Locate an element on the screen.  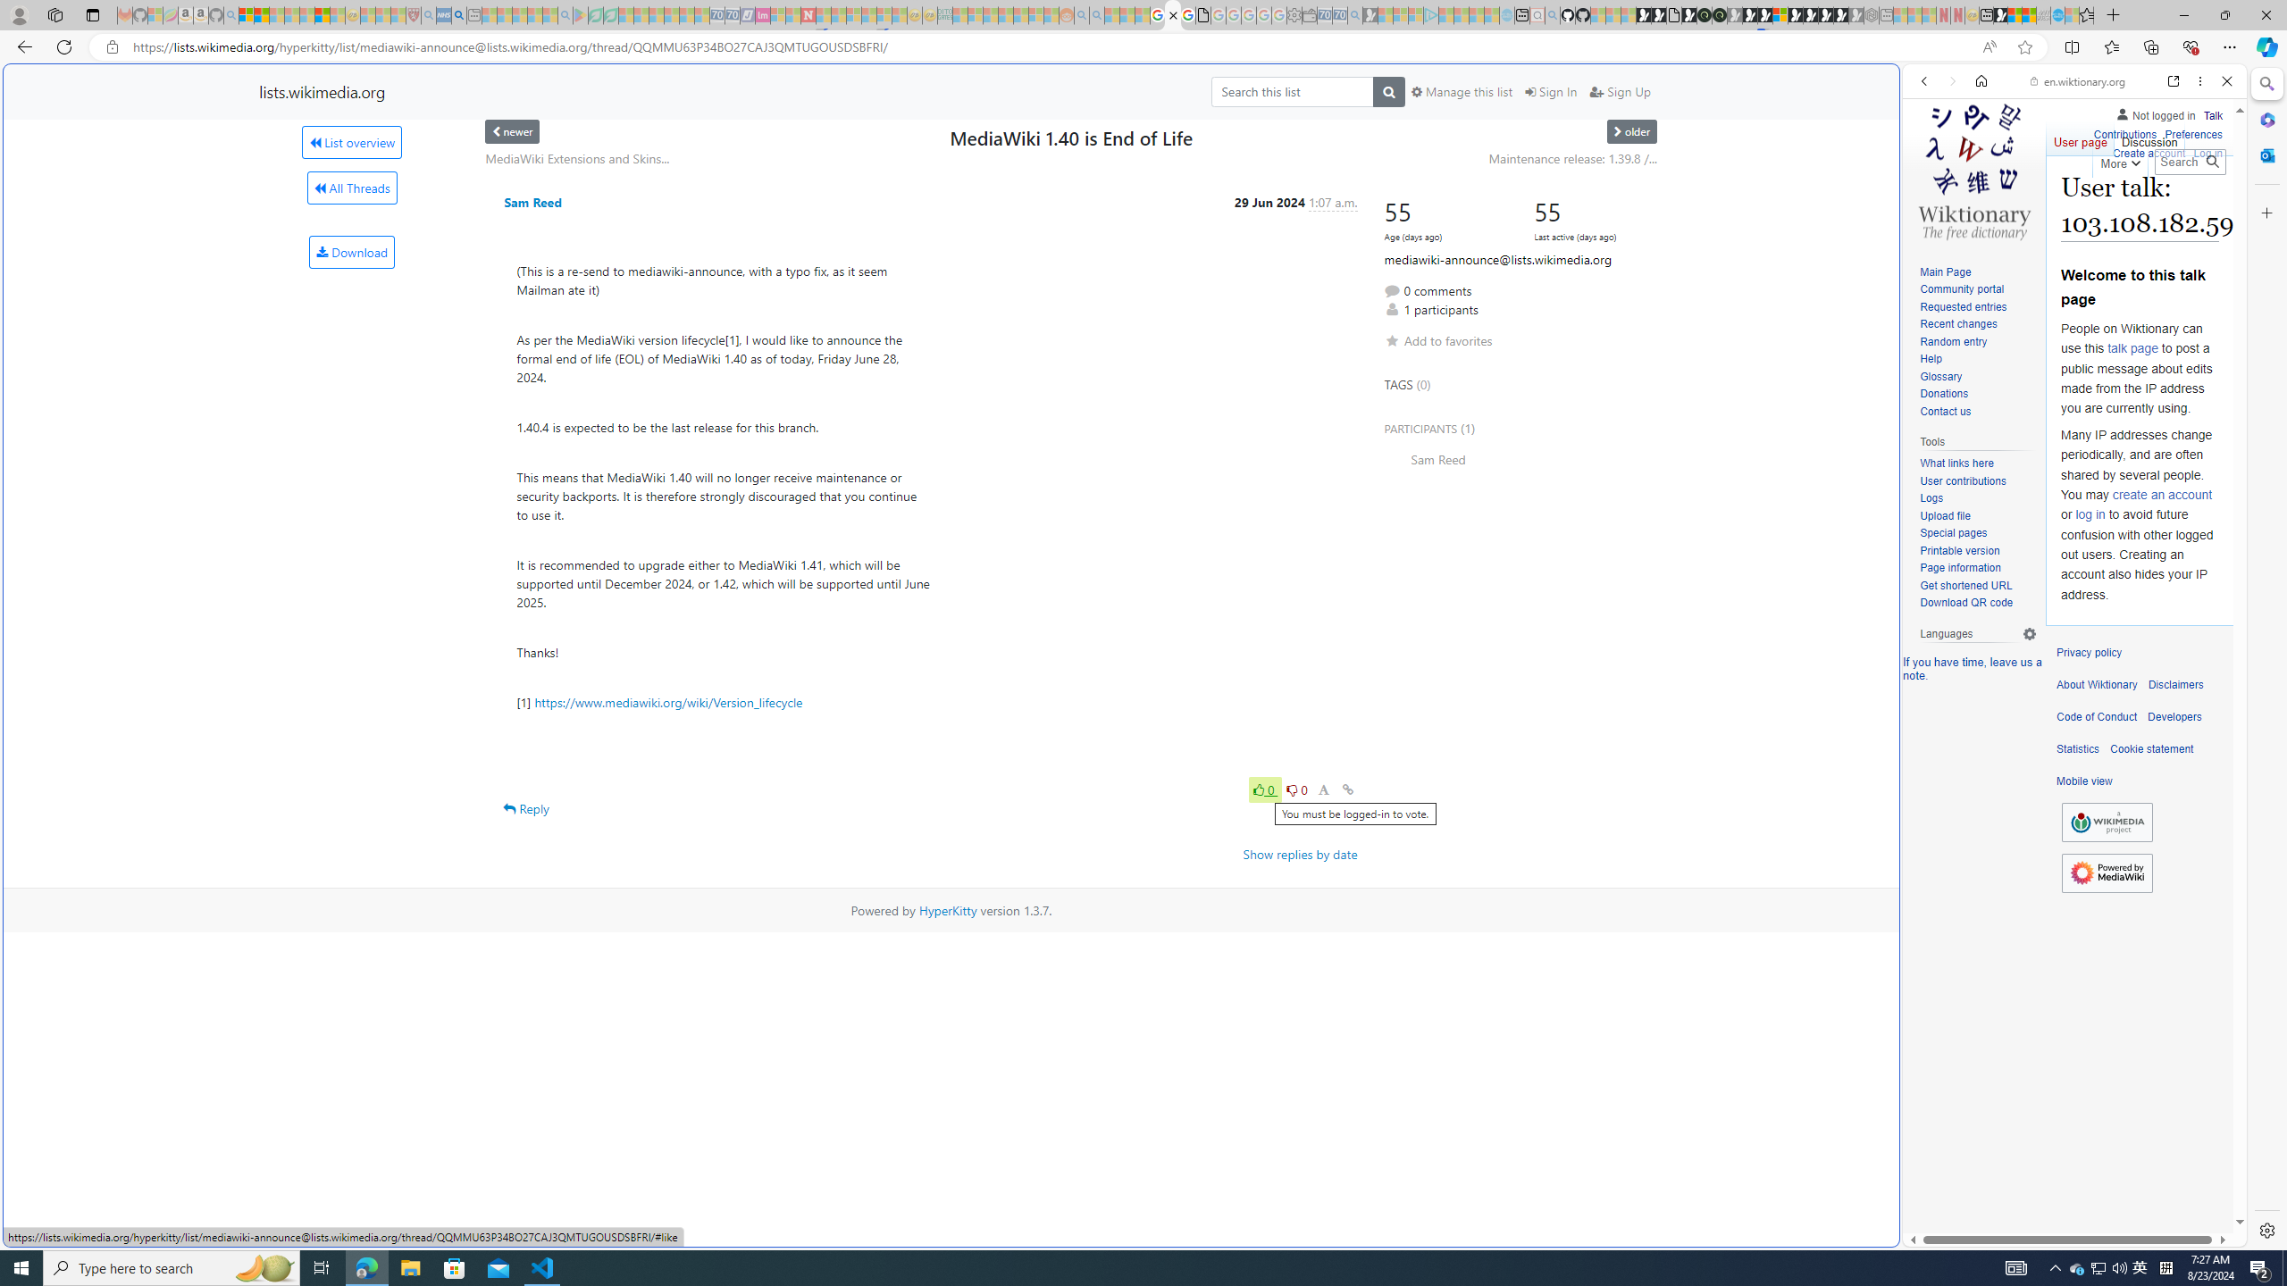
'User contributions' is located at coordinates (1977, 481).